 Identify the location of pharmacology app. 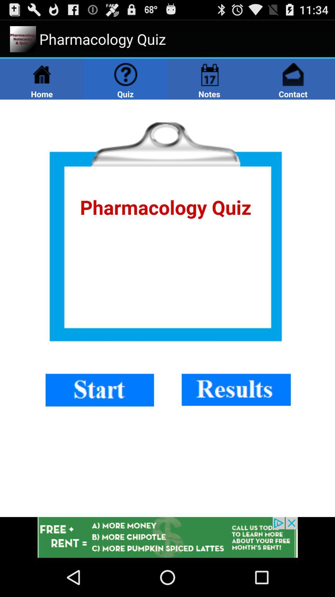
(167, 308).